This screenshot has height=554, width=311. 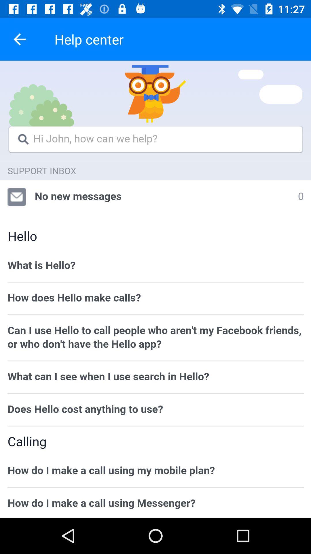 What do you see at coordinates (19, 39) in the screenshot?
I see `go back` at bounding box center [19, 39].